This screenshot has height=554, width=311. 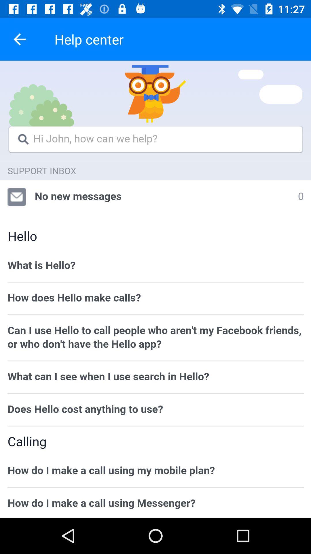 What do you see at coordinates (19, 39) in the screenshot?
I see `go back` at bounding box center [19, 39].